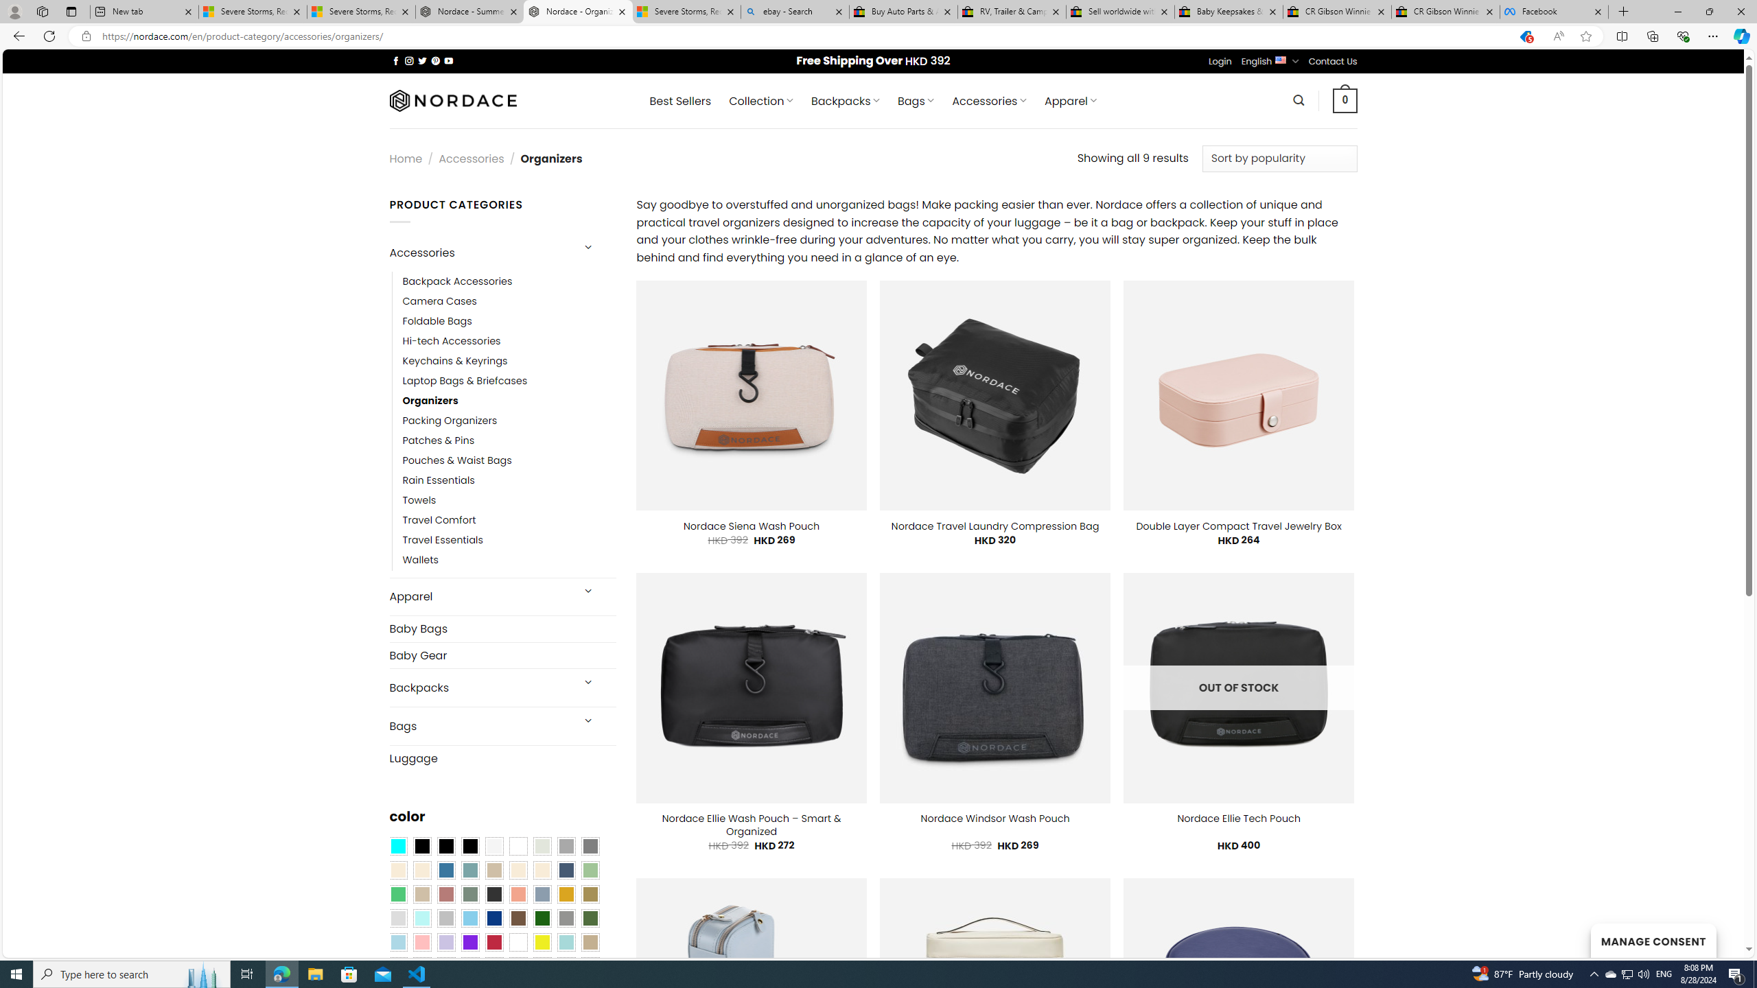 The image size is (1757, 988). Describe the element at coordinates (509, 520) in the screenshot. I see `'Travel Comfort'` at that location.